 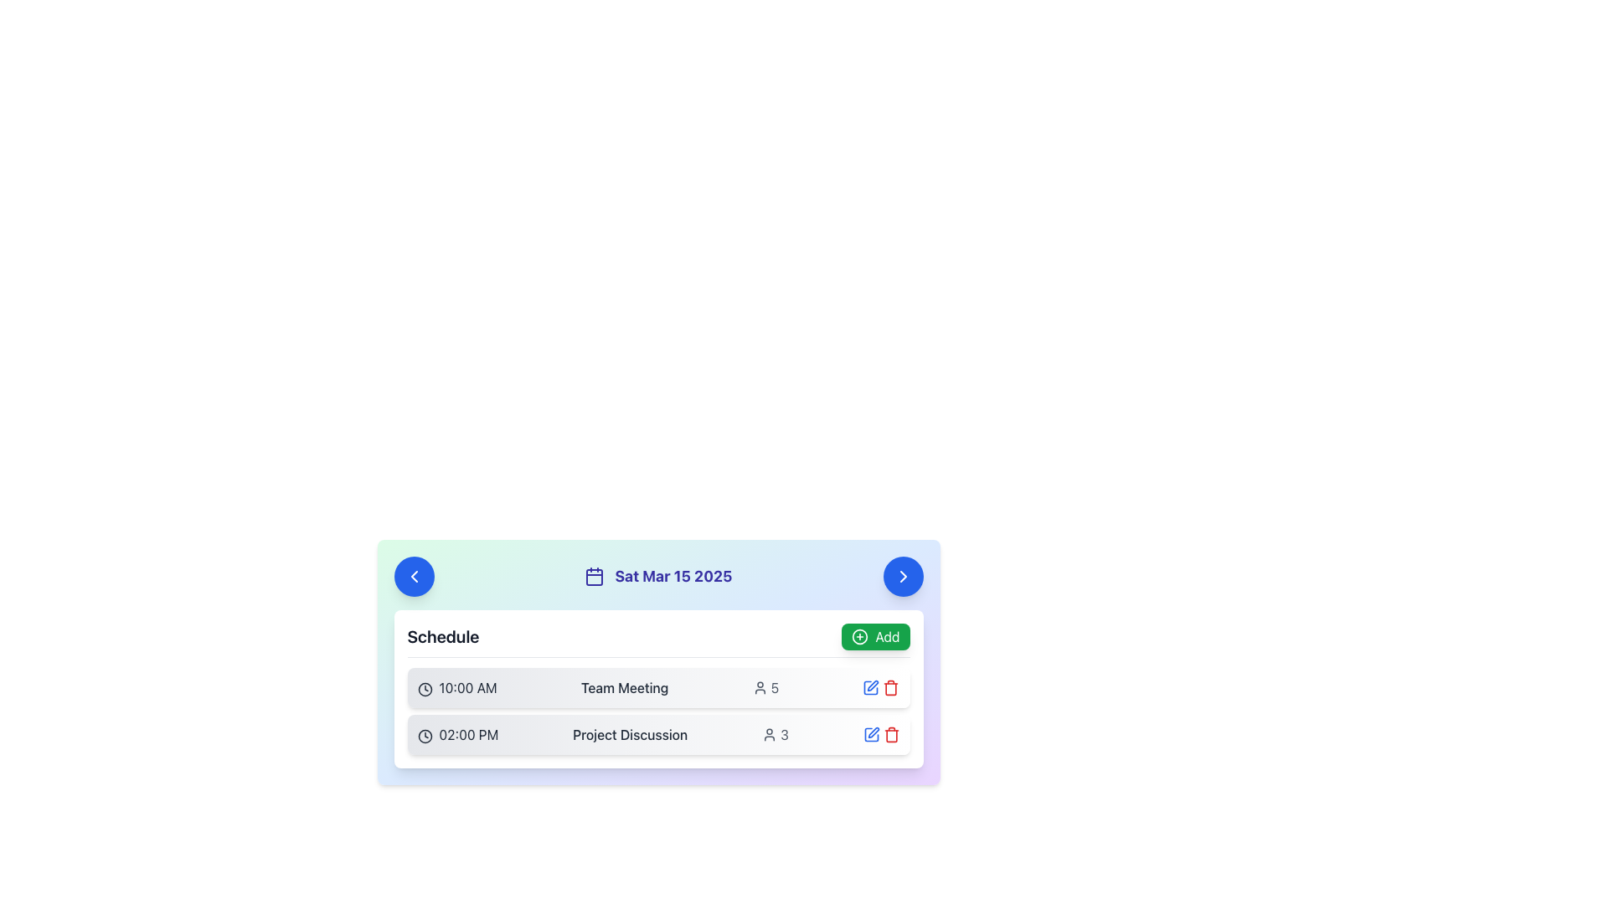 I want to click on the circular clock icon that is positioned at the leftmost position of the row displaying '10:00 AM' in the 'Schedule' component, so click(x=425, y=689).